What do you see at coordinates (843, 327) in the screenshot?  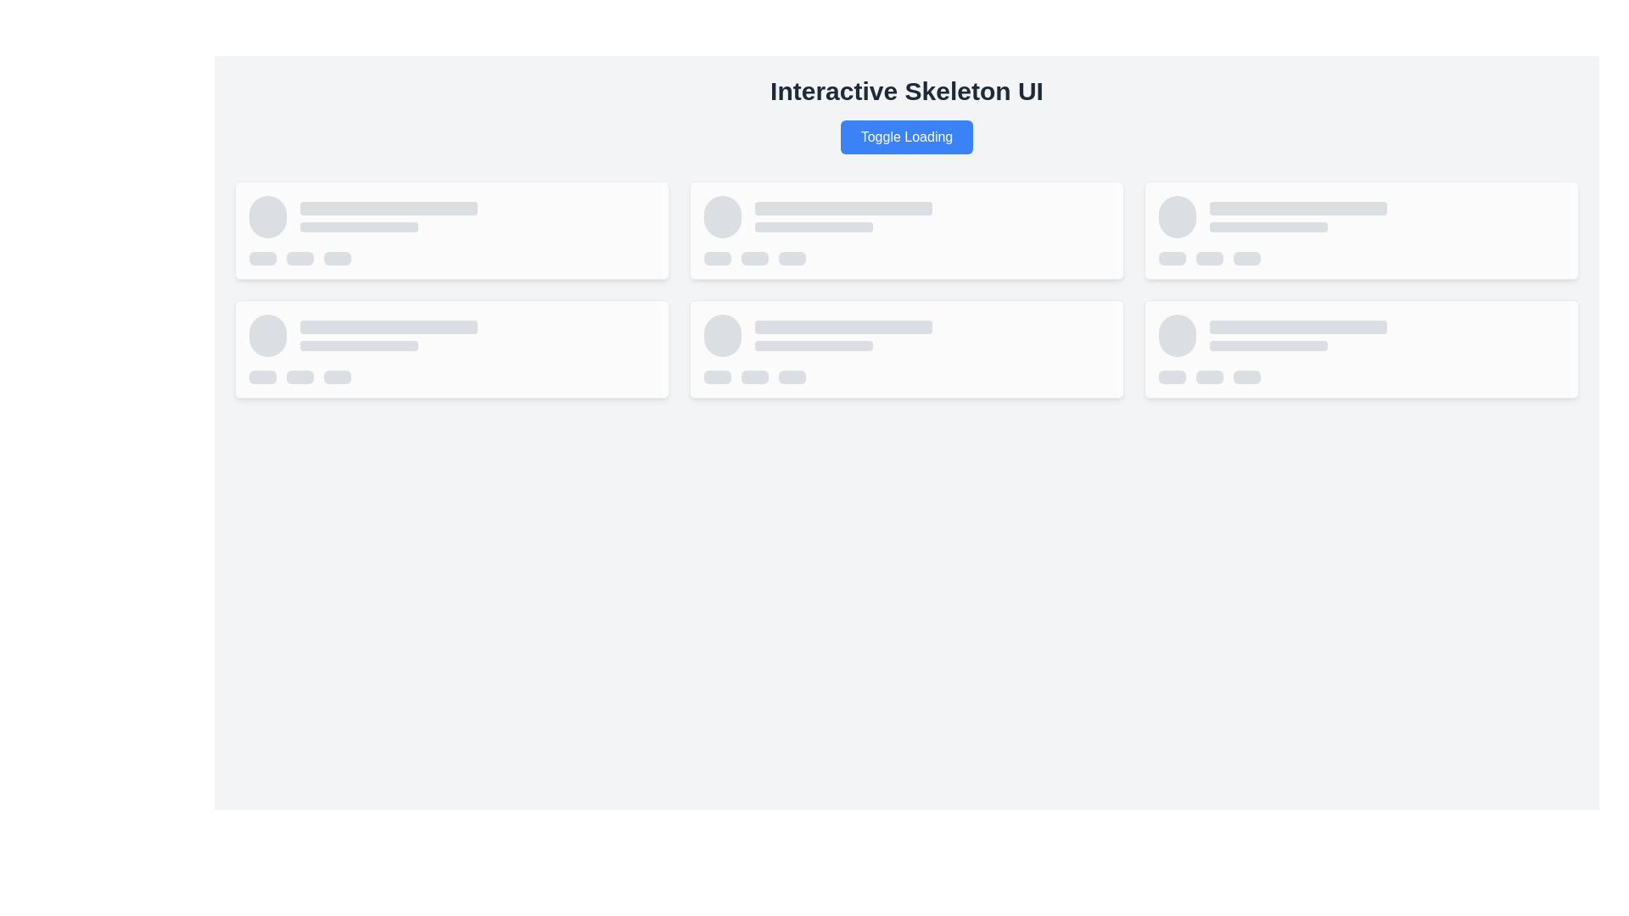 I see `the uppermost skeleton placeholder element in the vertical stack located in the lower portion of the middle card in the second row of a grid layout` at bounding box center [843, 327].